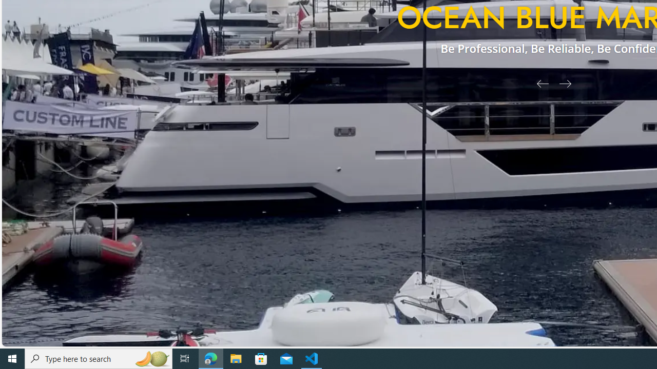 The width and height of the screenshot is (657, 369). I want to click on 'Next Slide', so click(569, 83).